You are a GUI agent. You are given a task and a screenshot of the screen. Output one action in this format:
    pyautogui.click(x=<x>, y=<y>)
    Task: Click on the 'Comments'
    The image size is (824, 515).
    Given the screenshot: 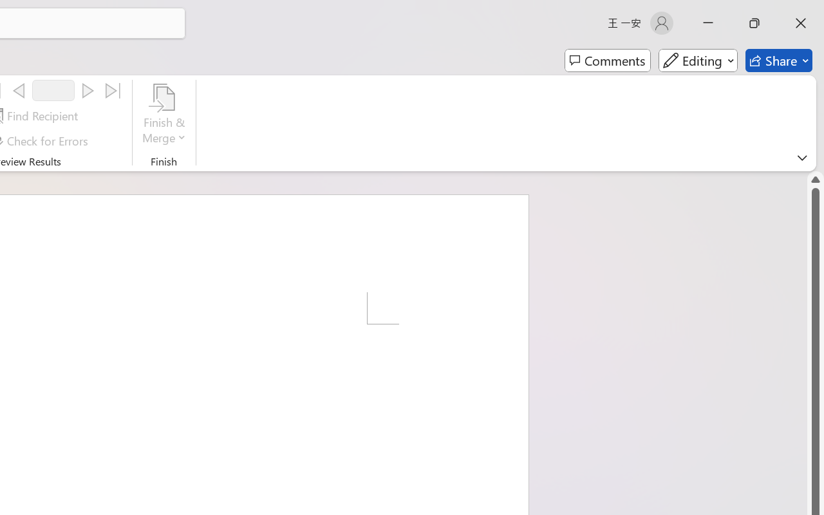 What is the action you would take?
    pyautogui.click(x=607, y=61)
    